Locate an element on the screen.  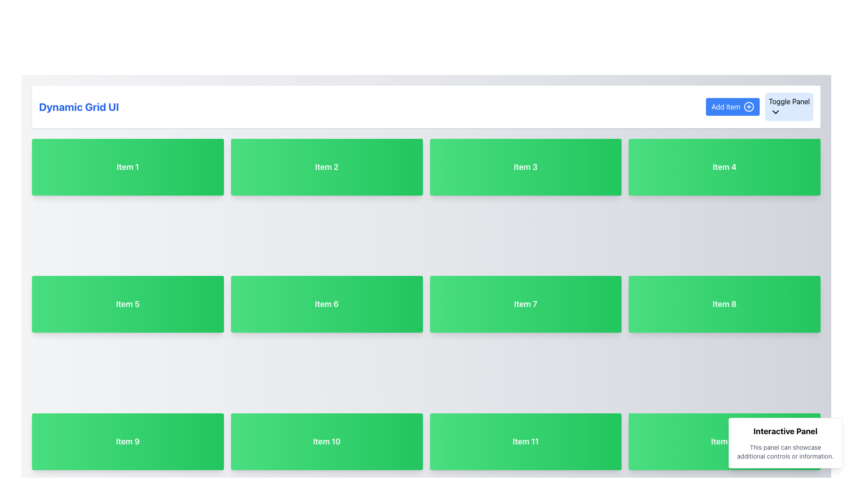
the Static Display Box labeled 'Item 7', which is a rectangular button-like component with rounded corners and a green gradient background, located in the second row and third column of a grid layout is located at coordinates (526, 304).